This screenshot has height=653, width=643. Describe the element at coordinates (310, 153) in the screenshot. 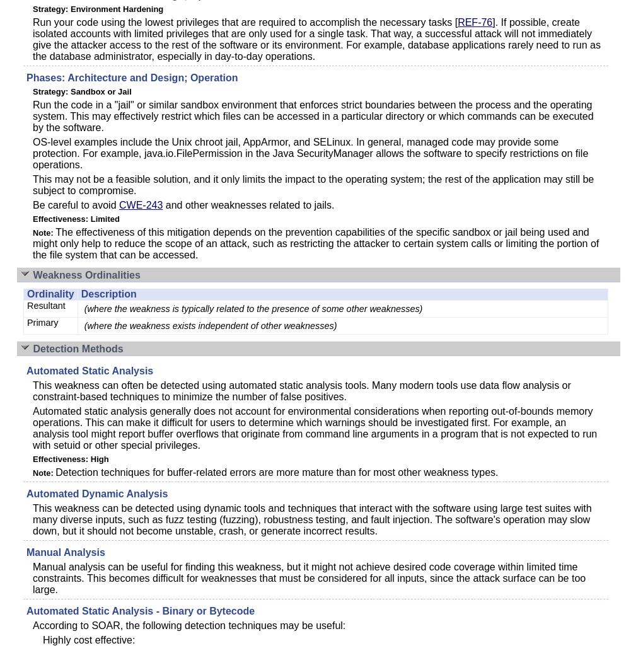

I see `'OS-level examples include the Unix chroot jail, AppArmor, and SELinux. In general, managed code may provide some protection. For example, java.io.FilePermission in the Java SecurityManager allows the software to specify restrictions on file operations.'` at that location.